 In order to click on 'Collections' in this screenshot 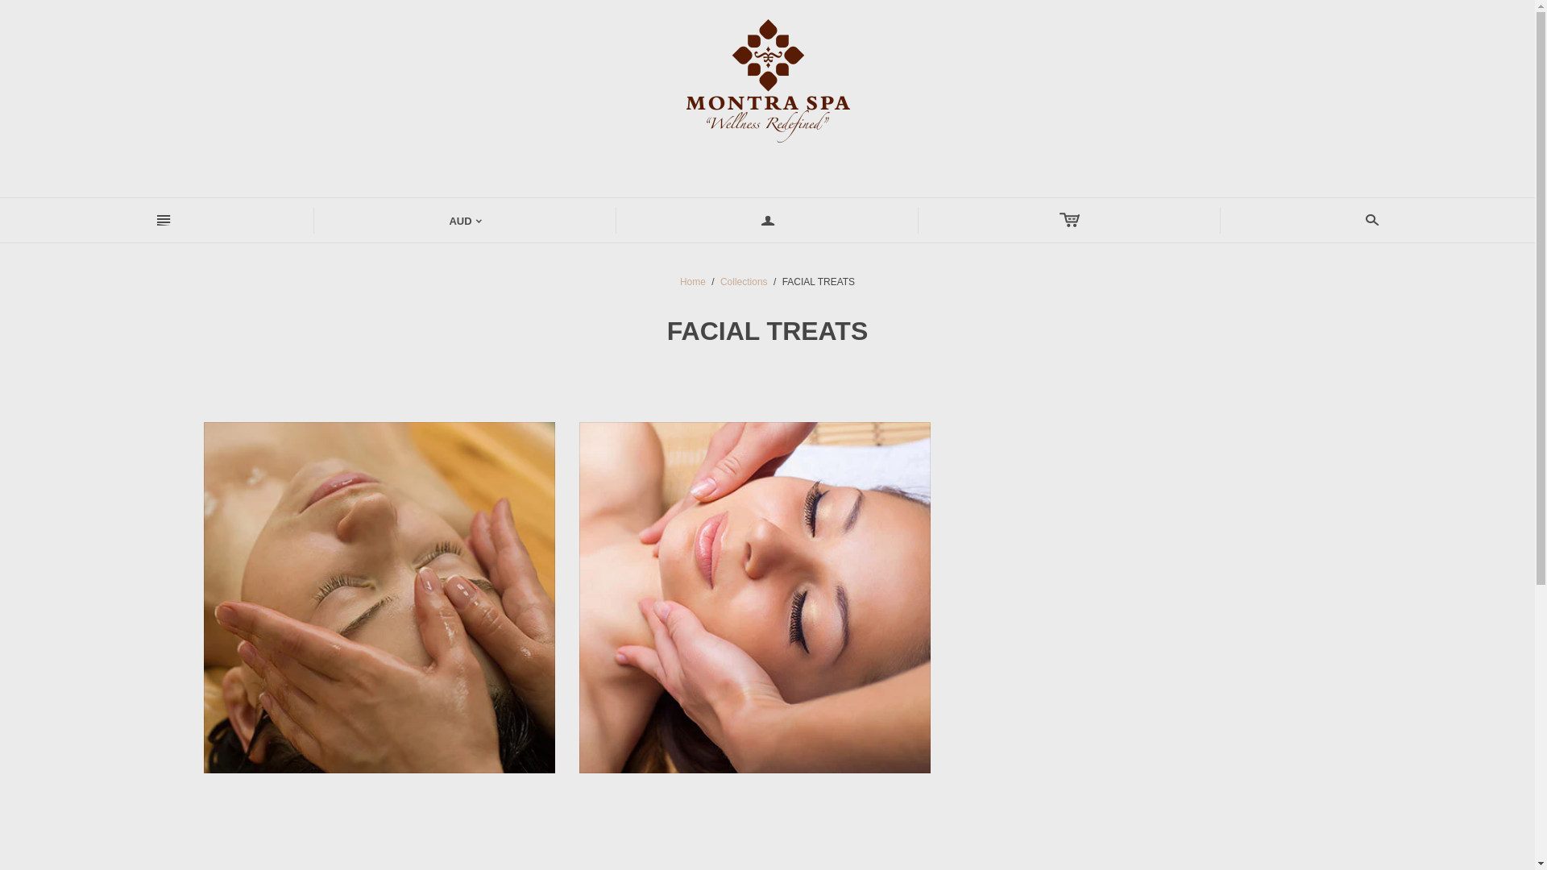, I will do `click(743, 281)`.